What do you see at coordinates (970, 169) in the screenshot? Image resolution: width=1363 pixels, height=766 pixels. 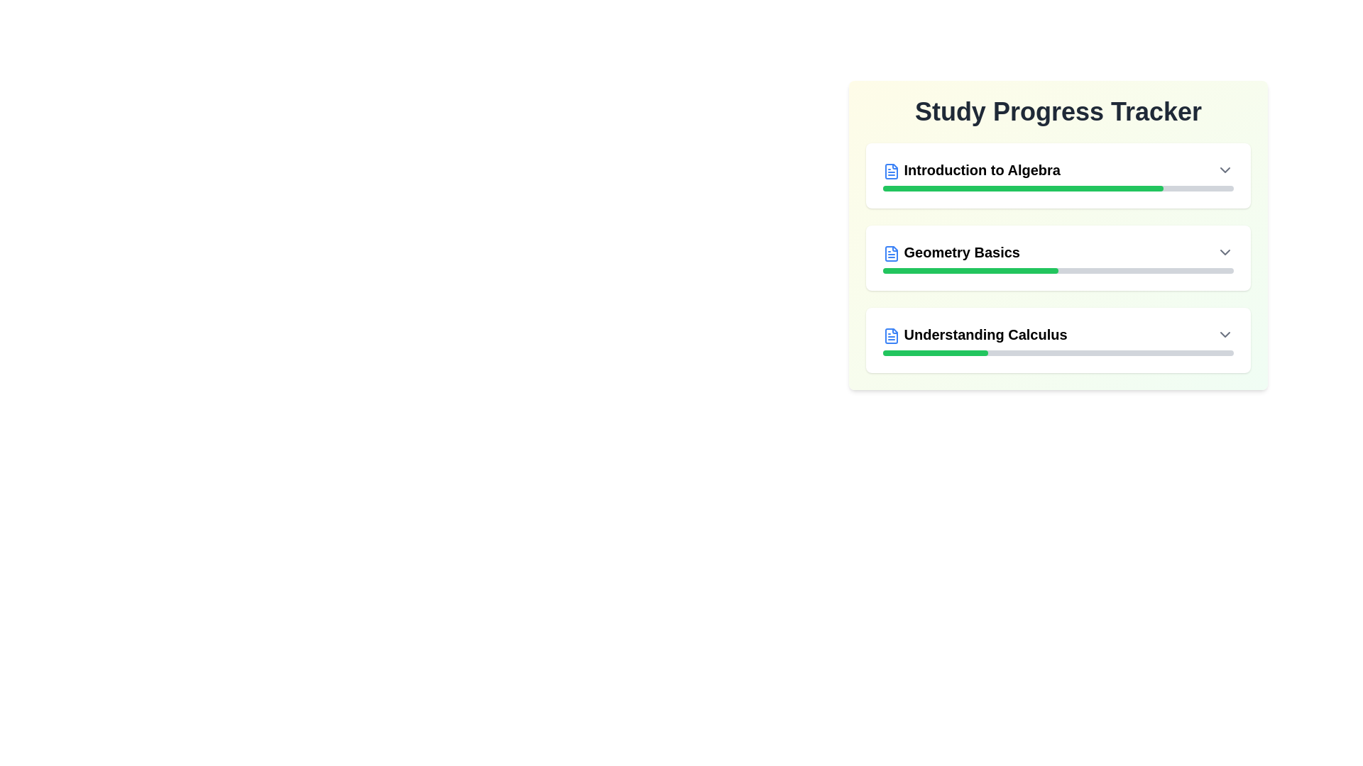 I see `text label identifying the module 'Introduction to Algebra' located at the topmost position in the vertical list of learning modules under the 'Study Progress Tracker' section` at bounding box center [970, 169].